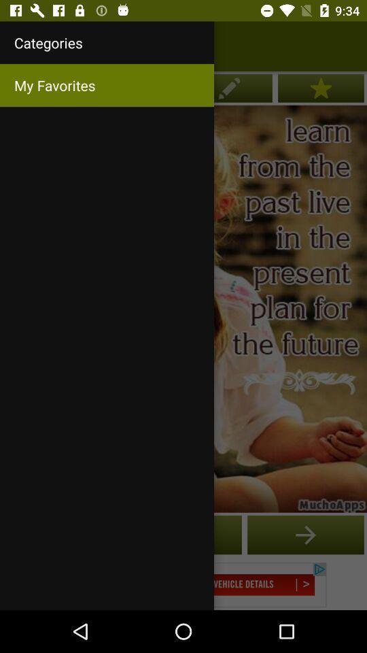  What do you see at coordinates (305, 535) in the screenshot?
I see `the add icon` at bounding box center [305, 535].